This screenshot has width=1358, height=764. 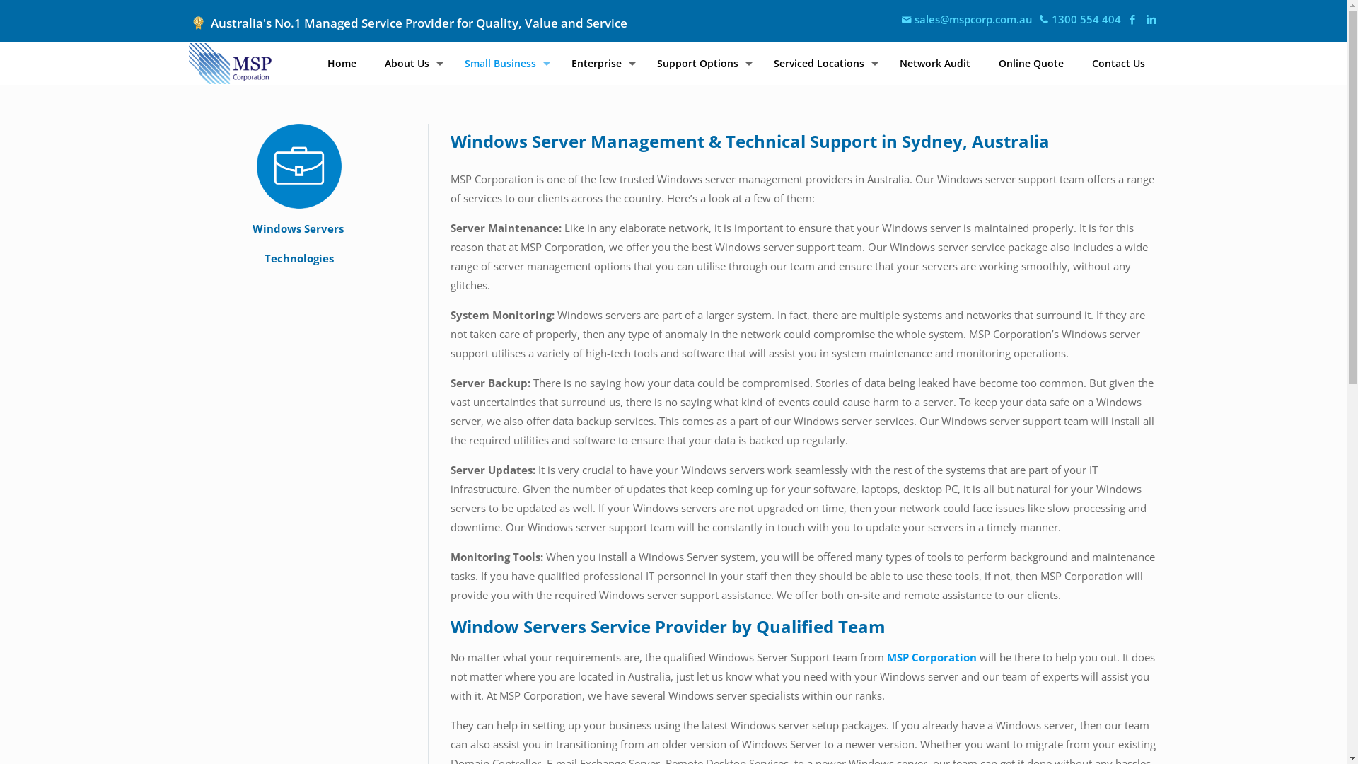 What do you see at coordinates (965, 19) in the screenshot?
I see `'sales@mspcorp.com.au'` at bounding box center [965, 19].